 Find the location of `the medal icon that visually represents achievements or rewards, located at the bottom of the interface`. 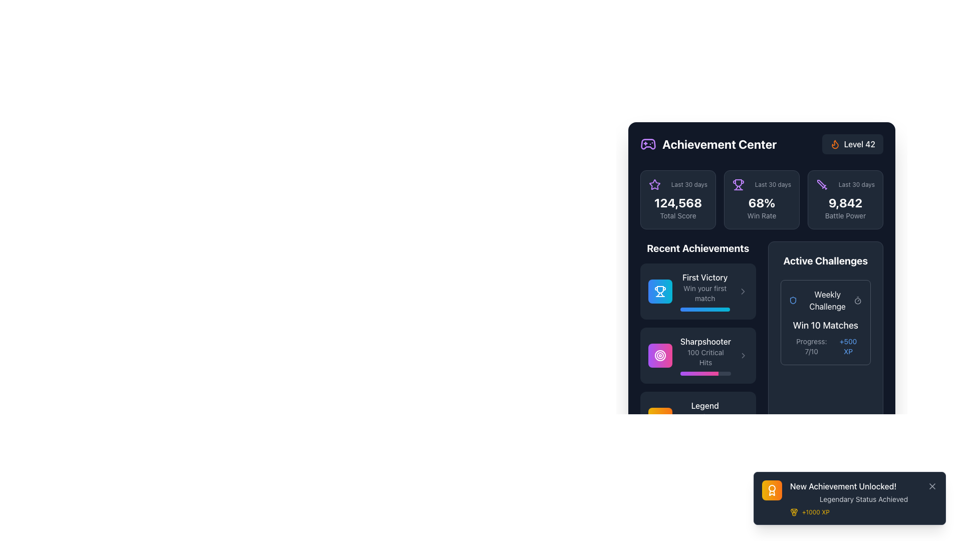

the medal icon that visually represents achievements or rewards, located at the bottom of the interface is located at coordinates (793, 511).